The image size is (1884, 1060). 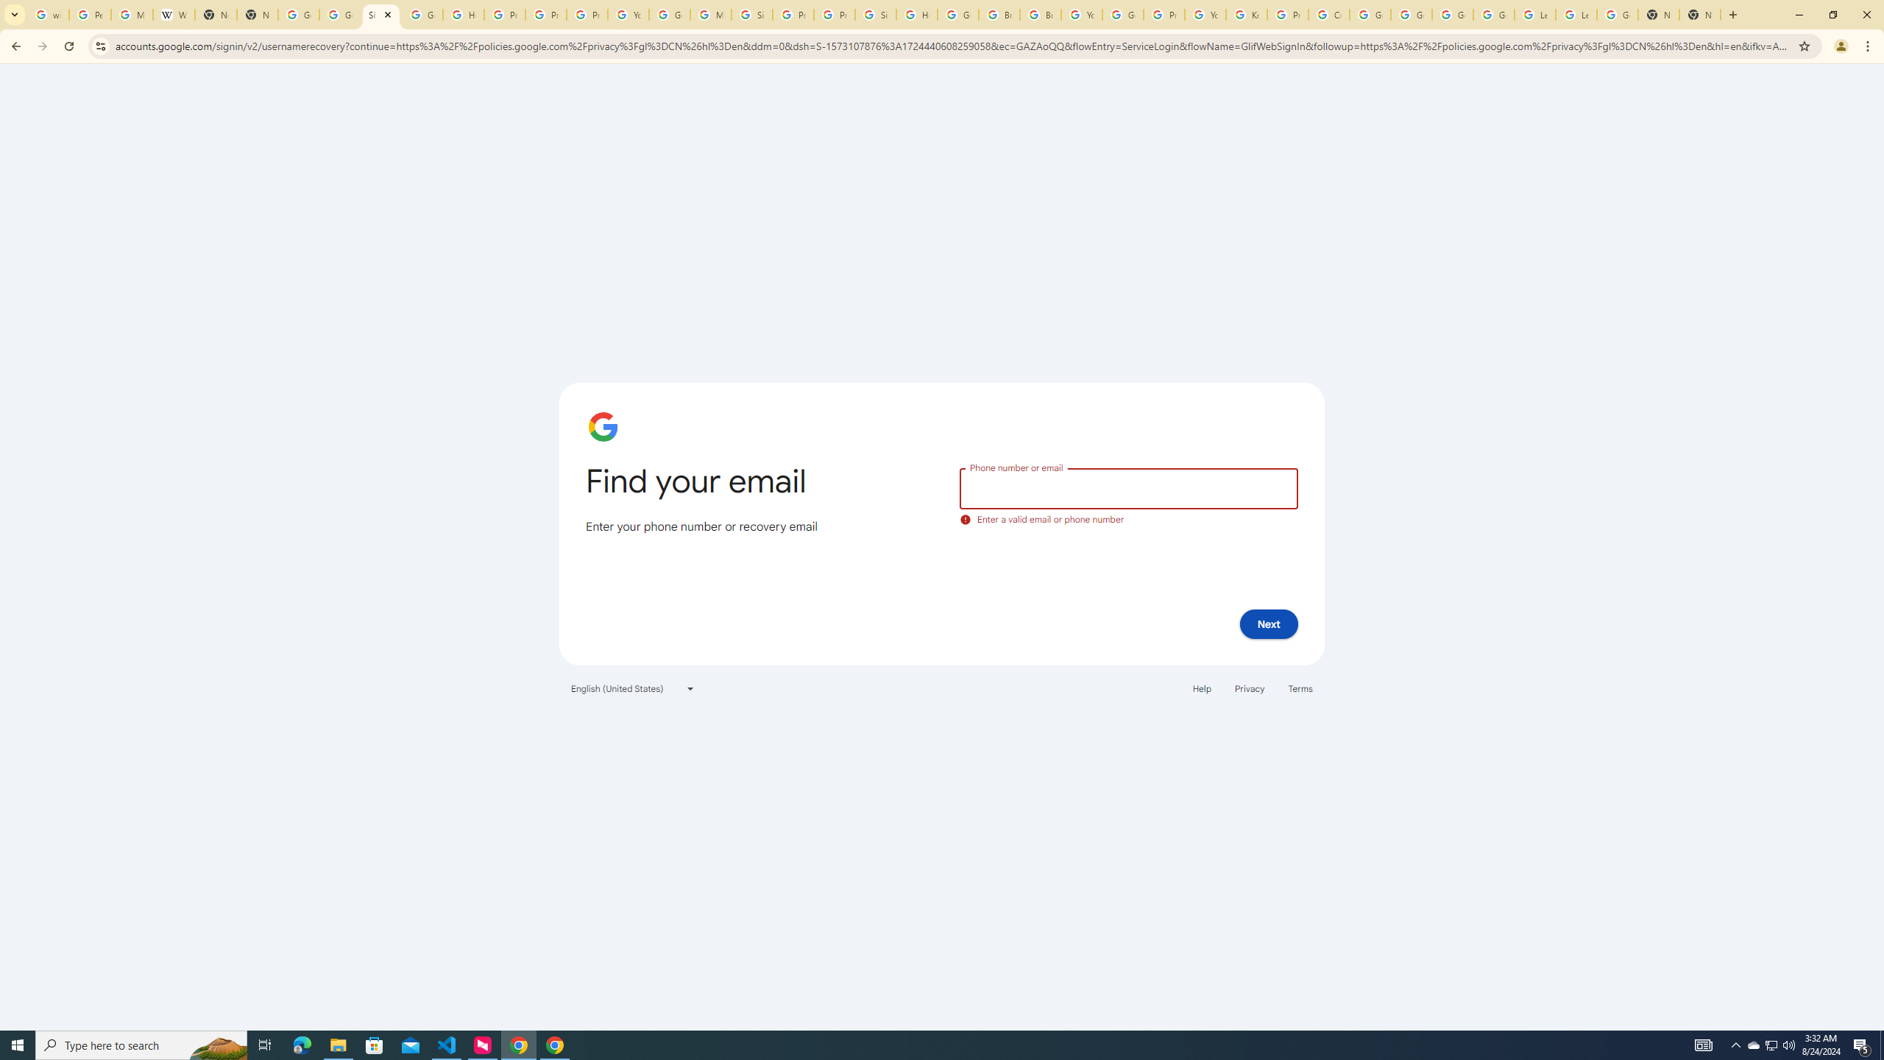 I want to click on 'Create your Google Account', so click(x=1328, y=14).